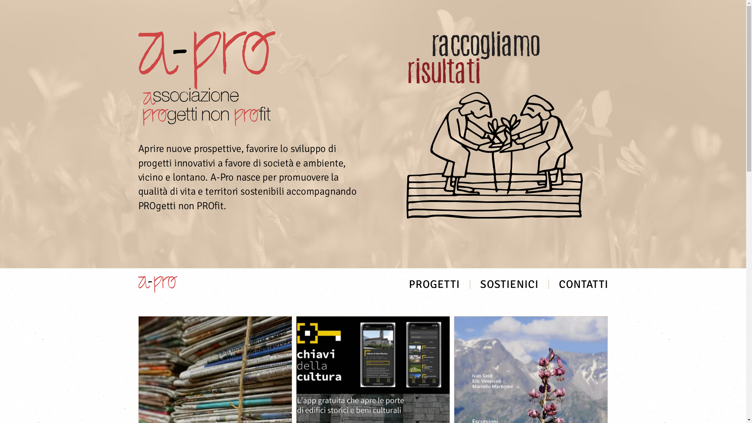 This screenshot has height=423, width=752. I want to click on 'SOSTIENICI', so click(509, 284).